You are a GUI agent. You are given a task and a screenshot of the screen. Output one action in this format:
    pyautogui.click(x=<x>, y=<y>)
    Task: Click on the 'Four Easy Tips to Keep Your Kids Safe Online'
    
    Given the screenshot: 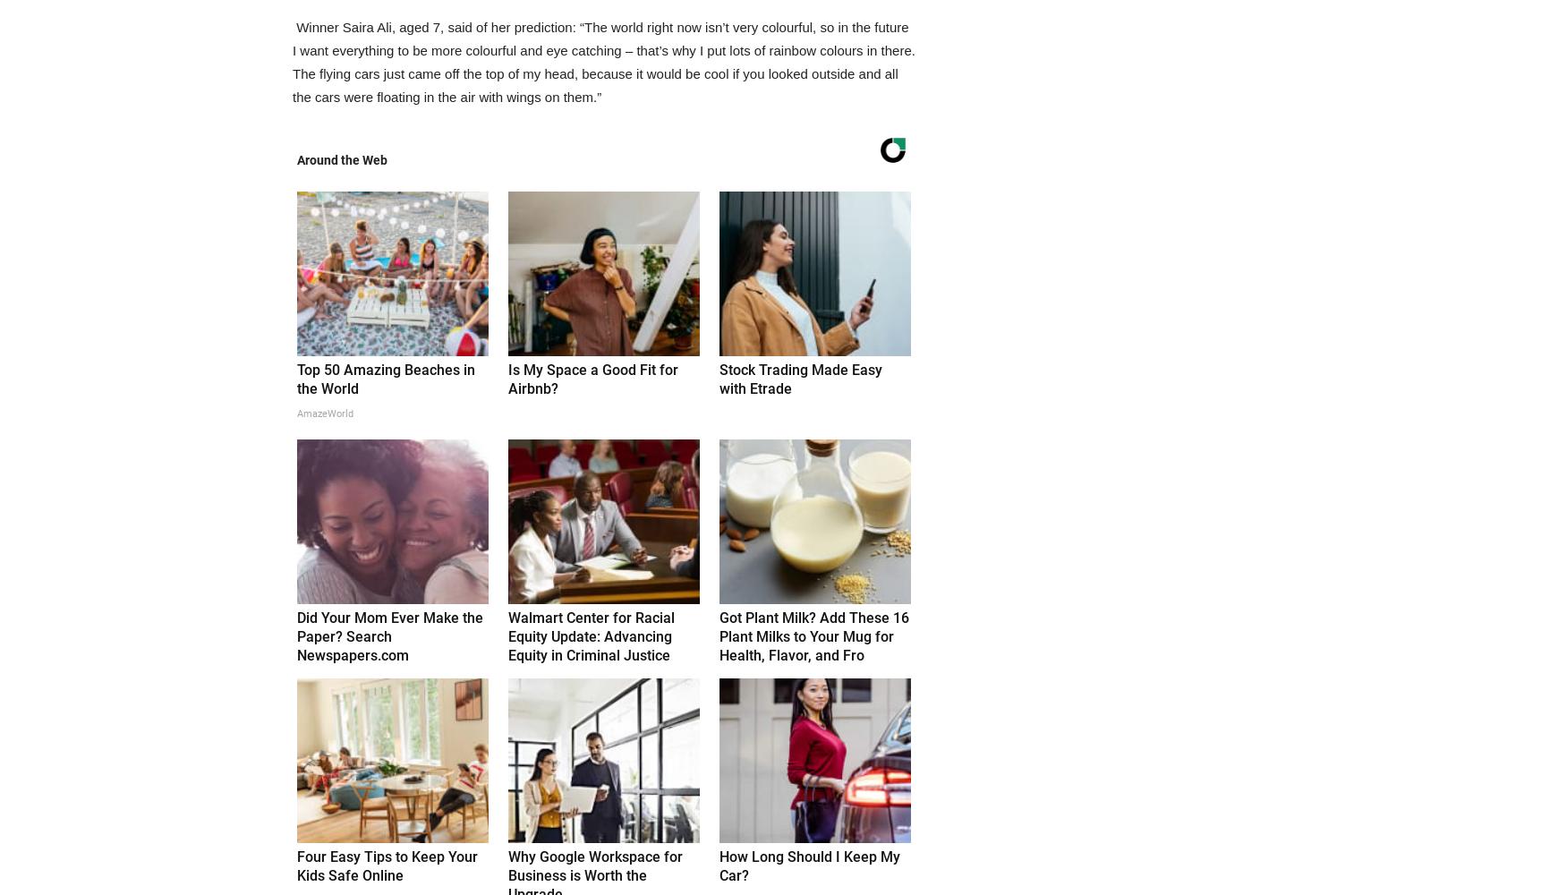 What is the action you would take?
    pyautogui.click(x=387, y=865)
    